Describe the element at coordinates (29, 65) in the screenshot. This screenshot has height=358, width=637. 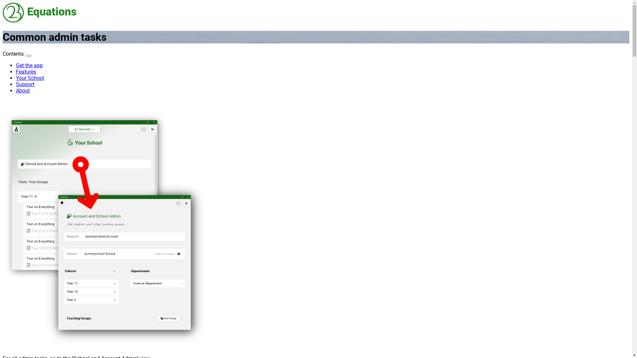
I see `'Get the app'` at that location.